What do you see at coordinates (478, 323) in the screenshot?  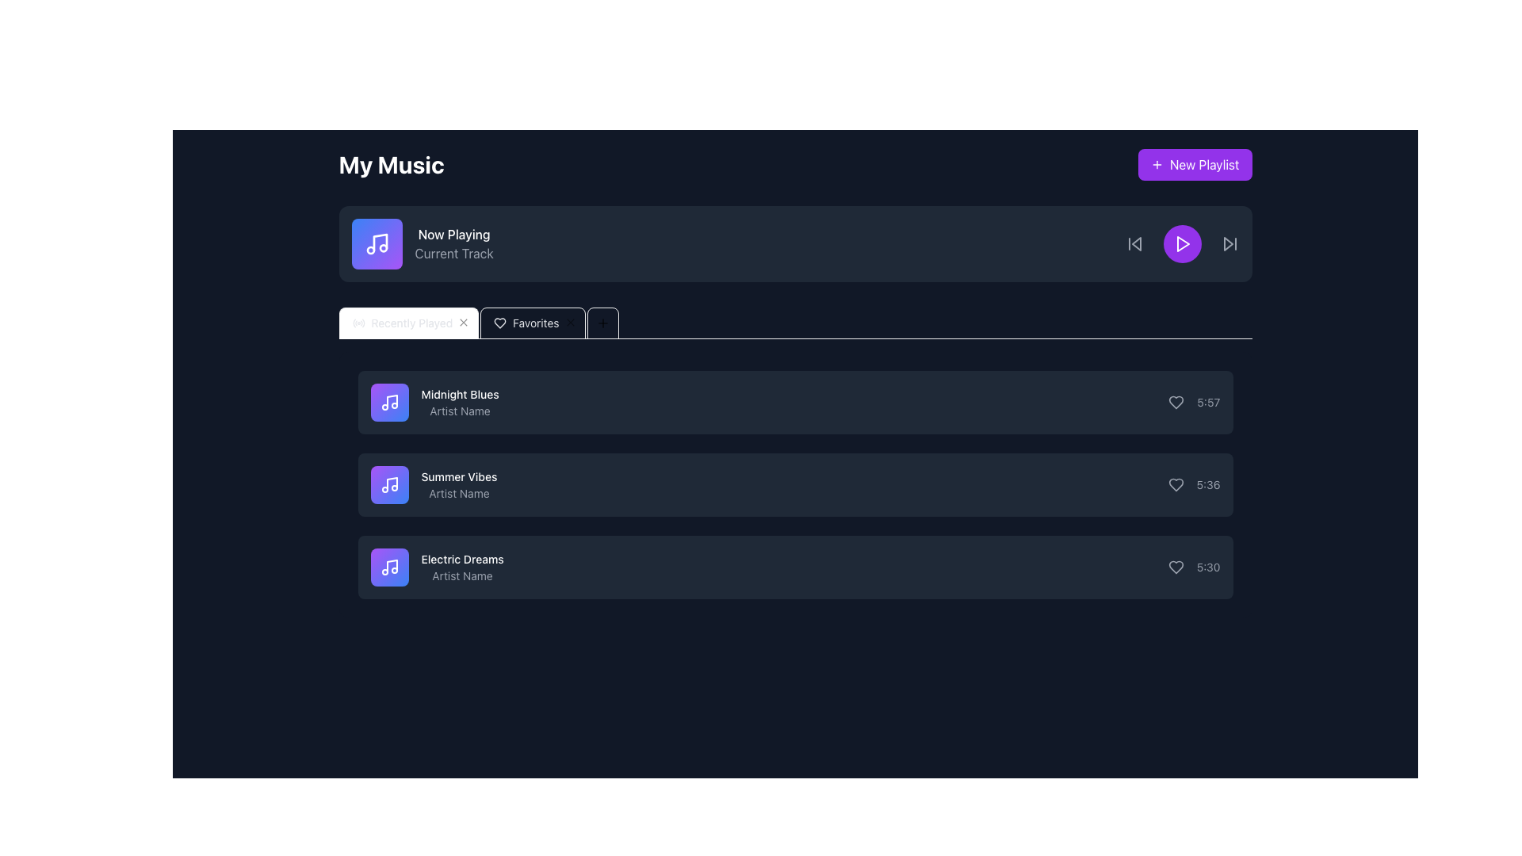 I see `the 'Favorites' tab with a heart icon` at bounding box center [478, 323].